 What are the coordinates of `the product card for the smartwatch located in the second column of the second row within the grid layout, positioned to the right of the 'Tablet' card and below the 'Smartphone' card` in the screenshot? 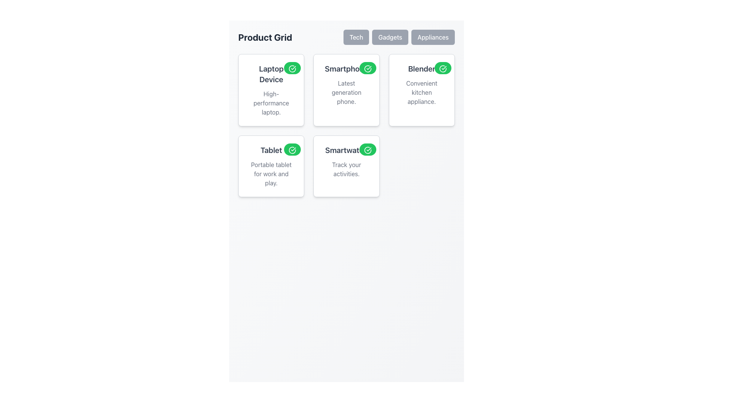 It's located at (346, 166).